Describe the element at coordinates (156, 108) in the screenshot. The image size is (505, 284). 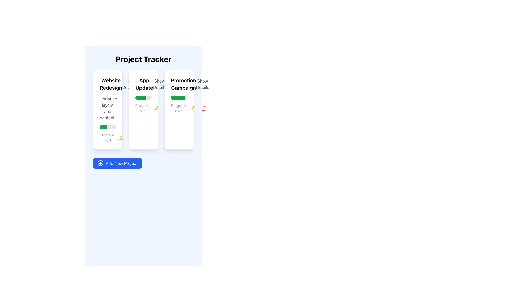
I see `the pen icon located at the bottom right of the 'App Update' card` at that location.